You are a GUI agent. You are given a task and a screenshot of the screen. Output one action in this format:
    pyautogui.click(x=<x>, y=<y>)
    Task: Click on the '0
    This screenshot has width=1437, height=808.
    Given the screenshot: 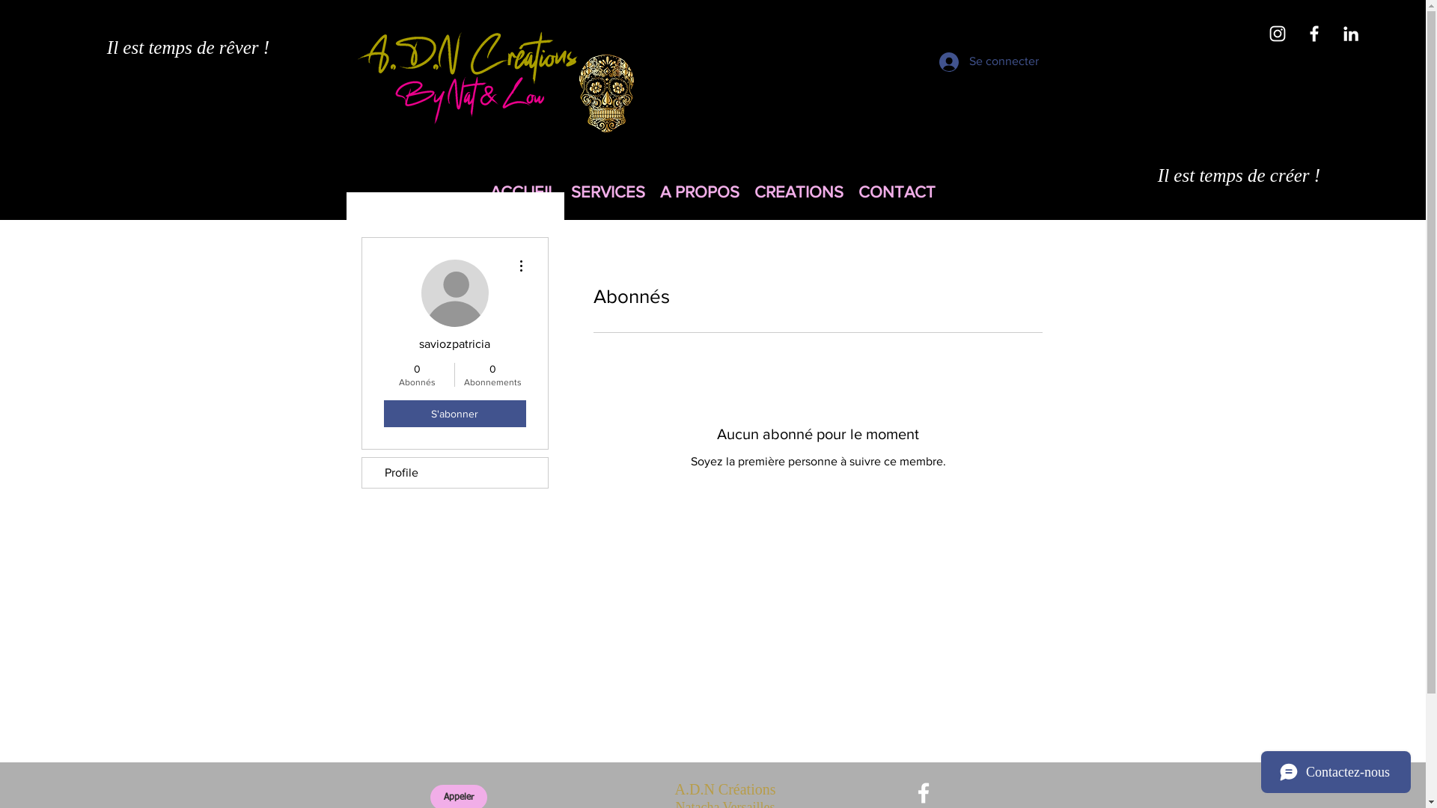 What is the action you would take?
    pyautogui.click(x=492, y=374)
    